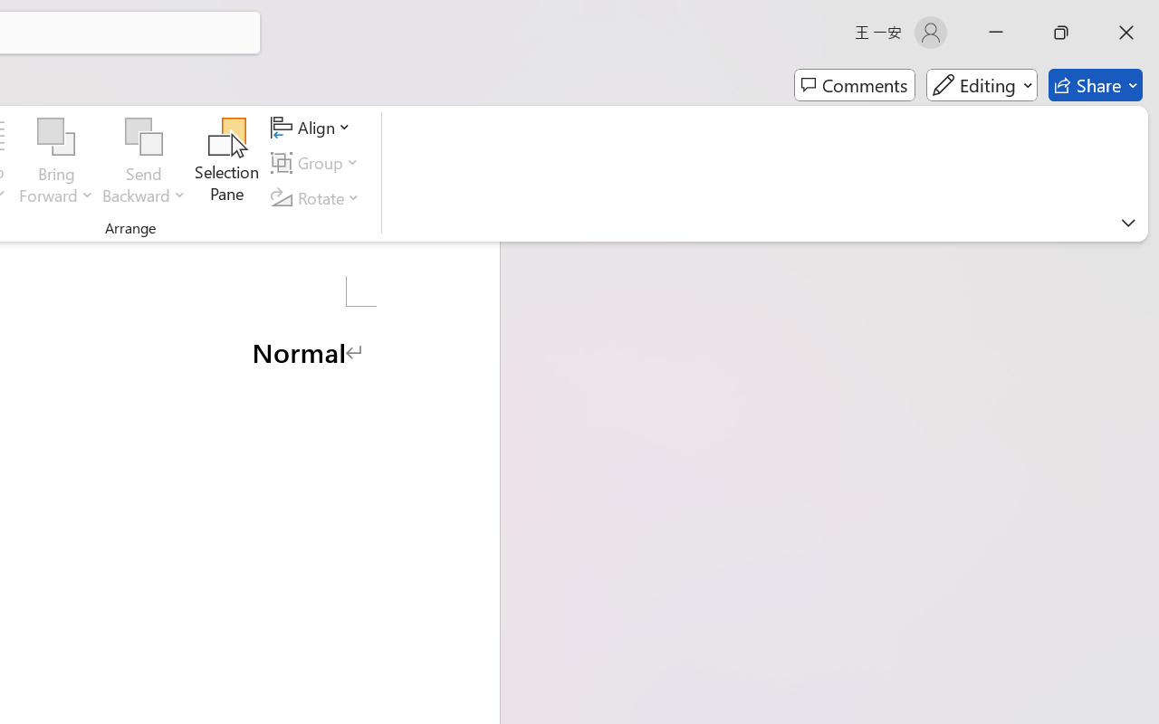  Describe the element at coordinates (143, 162) in the screenshot. I see `'Send Backward'` at that location.